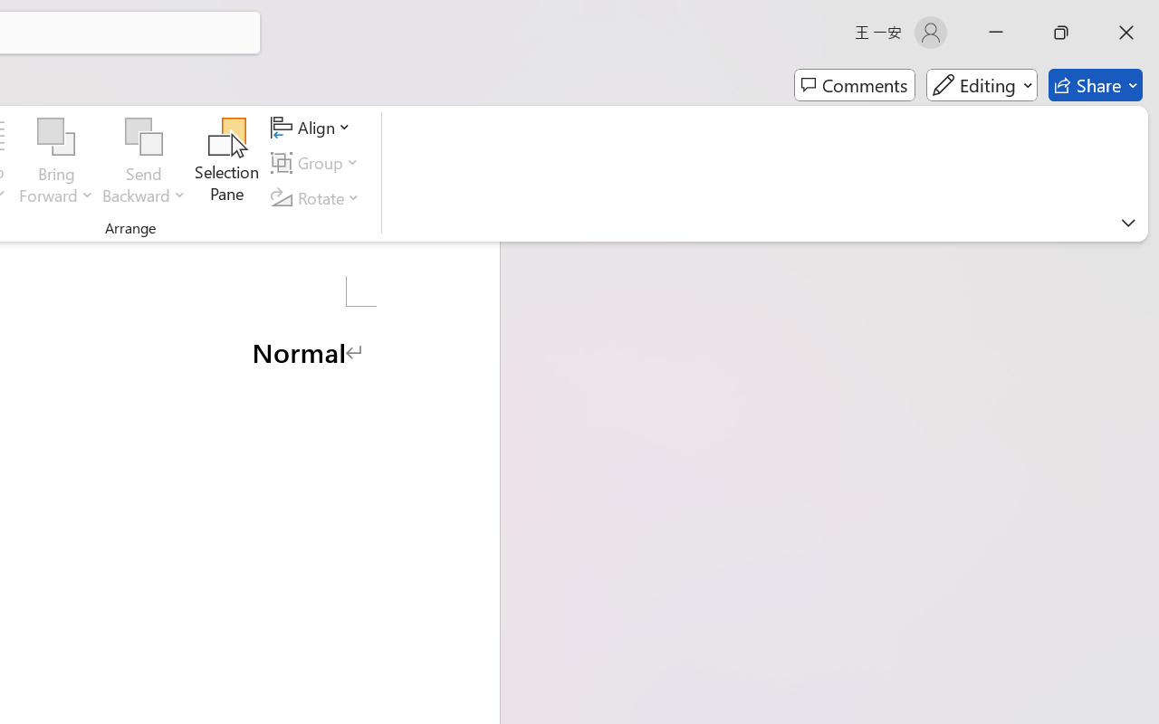  Describe the element at coordinates (143, 162) in the screenshot. I see `'Send Backward'` at that location.